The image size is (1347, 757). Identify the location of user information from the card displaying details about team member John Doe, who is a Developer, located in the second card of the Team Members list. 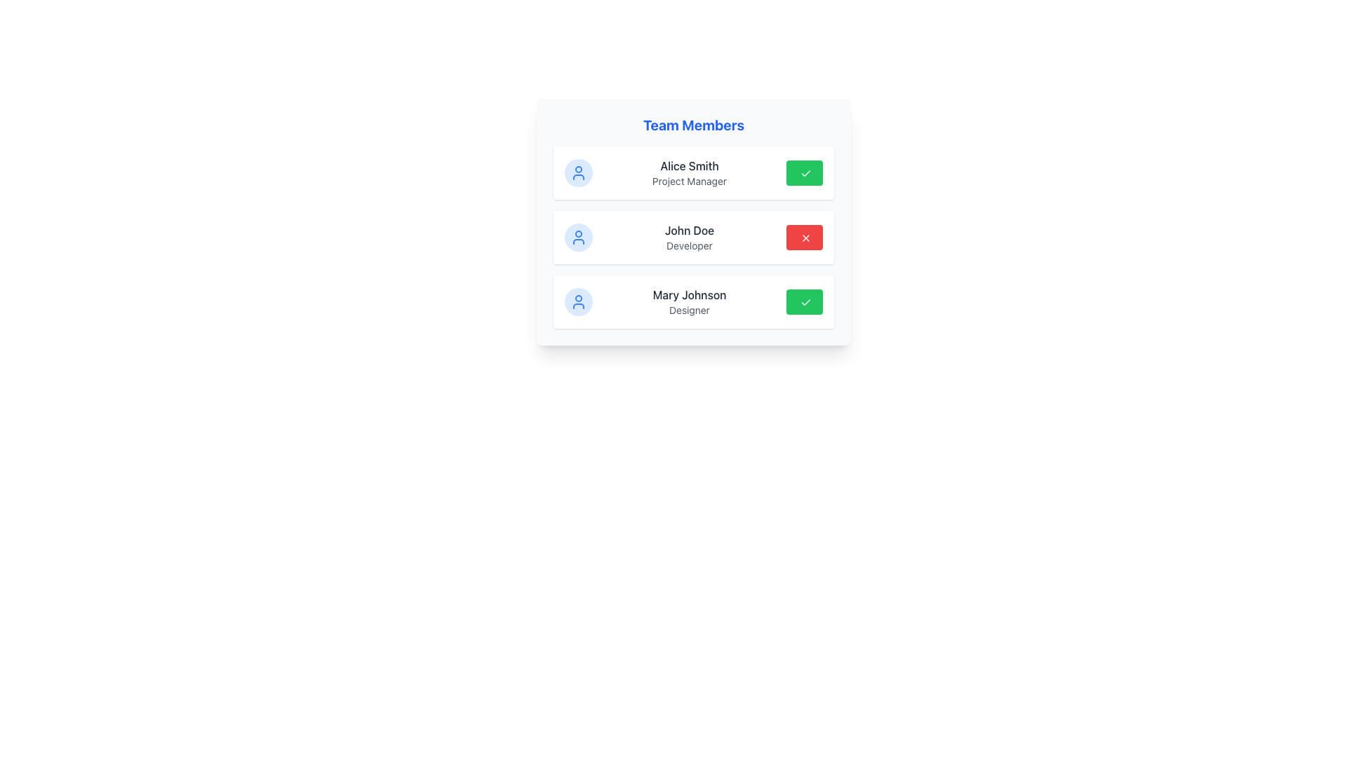
(693, 221).